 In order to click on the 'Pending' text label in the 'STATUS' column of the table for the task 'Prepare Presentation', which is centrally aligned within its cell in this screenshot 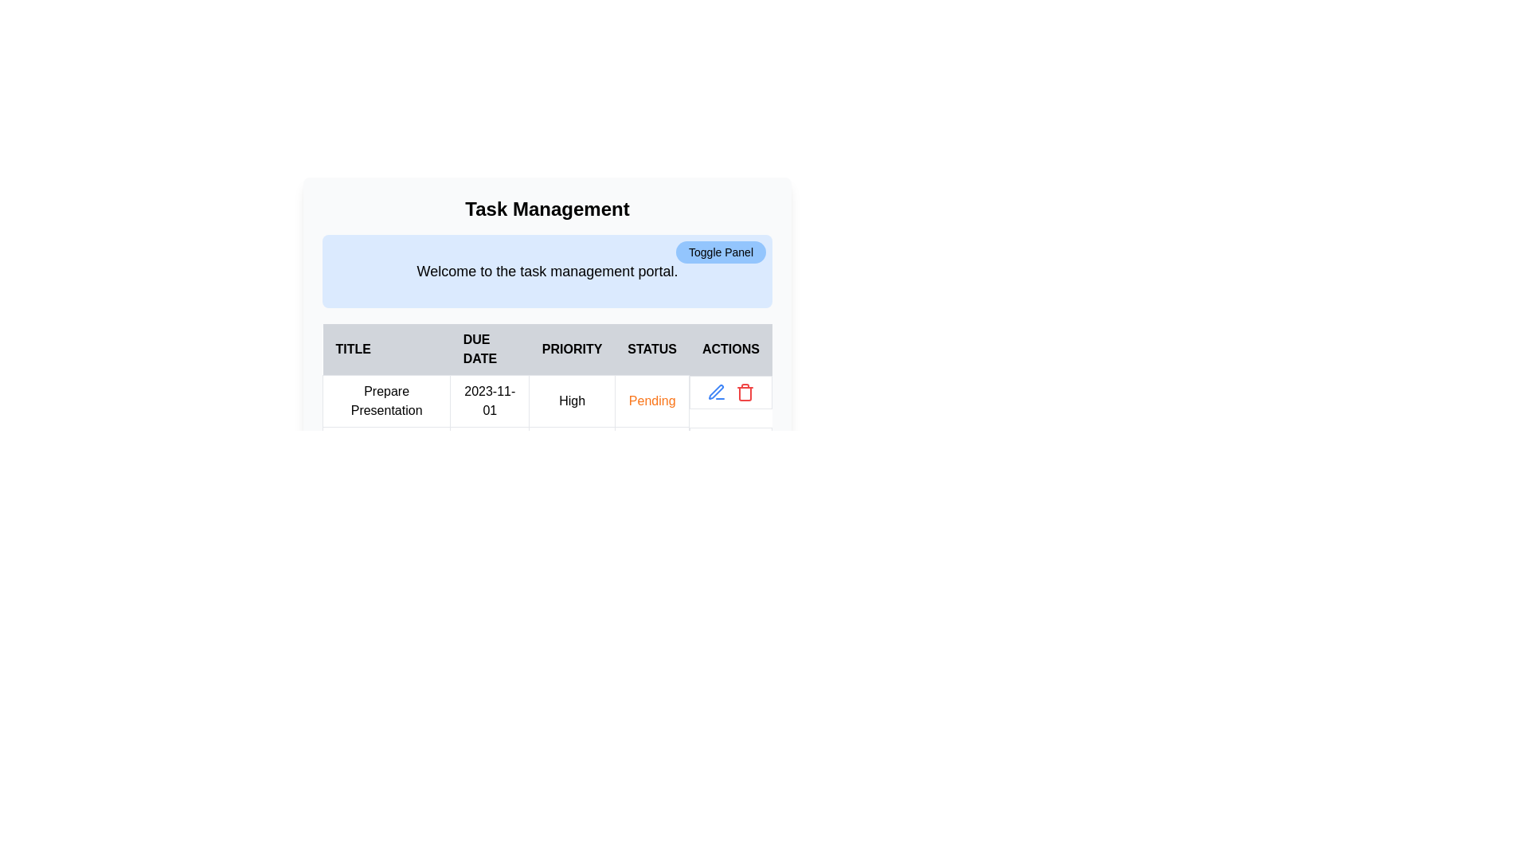, I will do `click(652, 400)`.